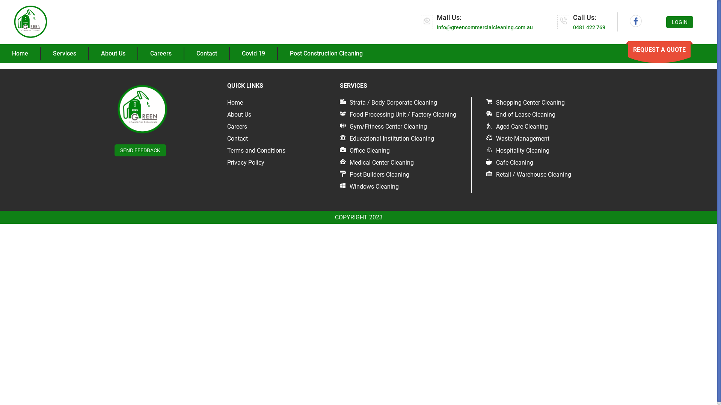  What do you see at coordinates (374, 174) in the screenshot?
I see `'Post Builders Cleaning'` at bounding box center [374, 174].